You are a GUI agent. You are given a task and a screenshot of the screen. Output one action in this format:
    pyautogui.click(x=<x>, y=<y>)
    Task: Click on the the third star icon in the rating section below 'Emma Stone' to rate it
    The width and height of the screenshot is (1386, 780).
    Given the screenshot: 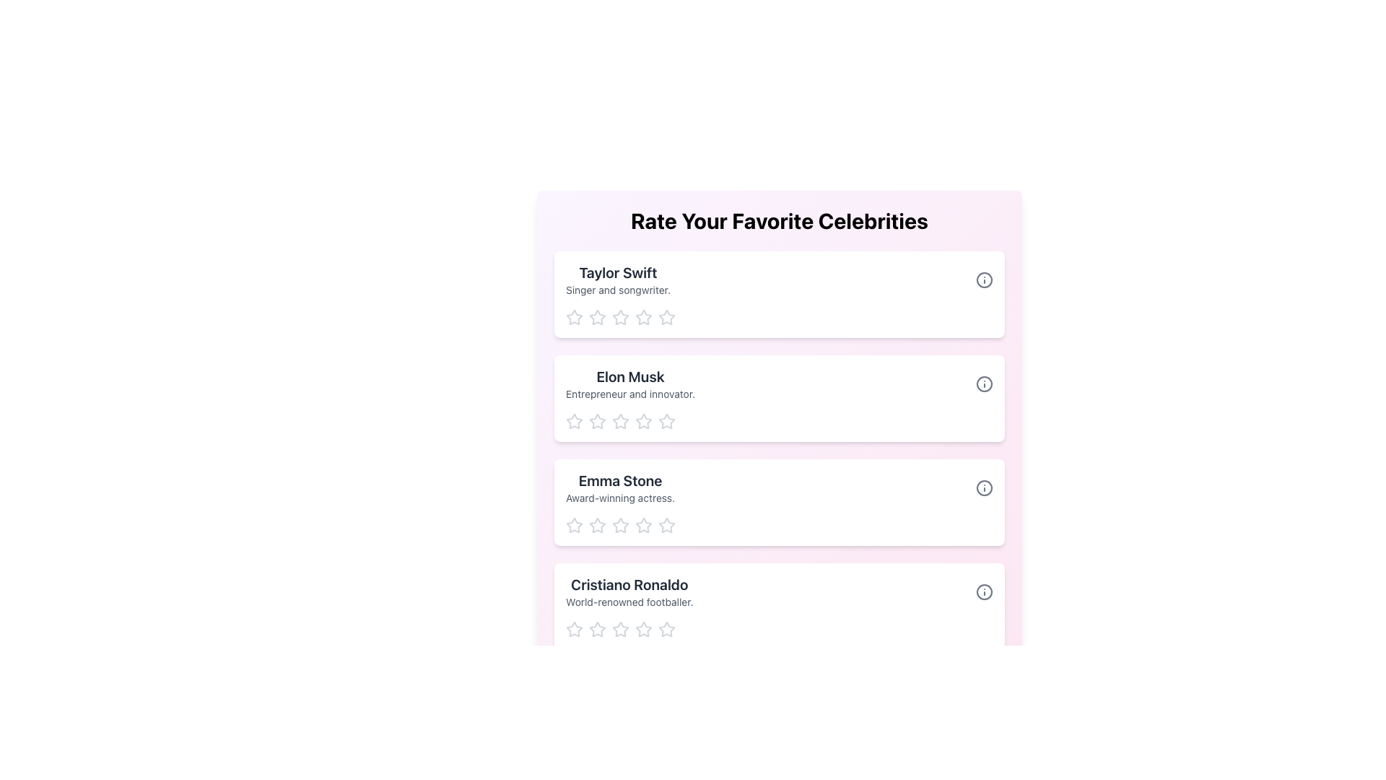 What is the action you would take?
    pyautogui.click(x=643, y=525)
    